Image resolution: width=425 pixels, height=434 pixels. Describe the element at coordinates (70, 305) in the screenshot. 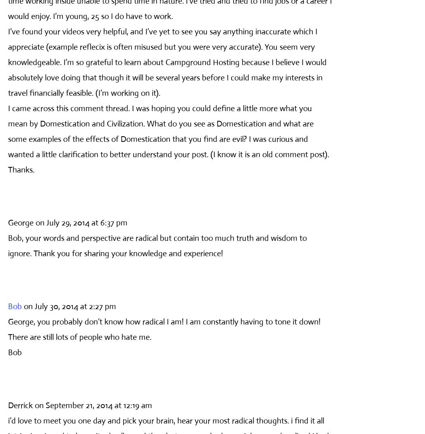

I see `'on July 30, 2014 at 2:27 pm'` at that location.